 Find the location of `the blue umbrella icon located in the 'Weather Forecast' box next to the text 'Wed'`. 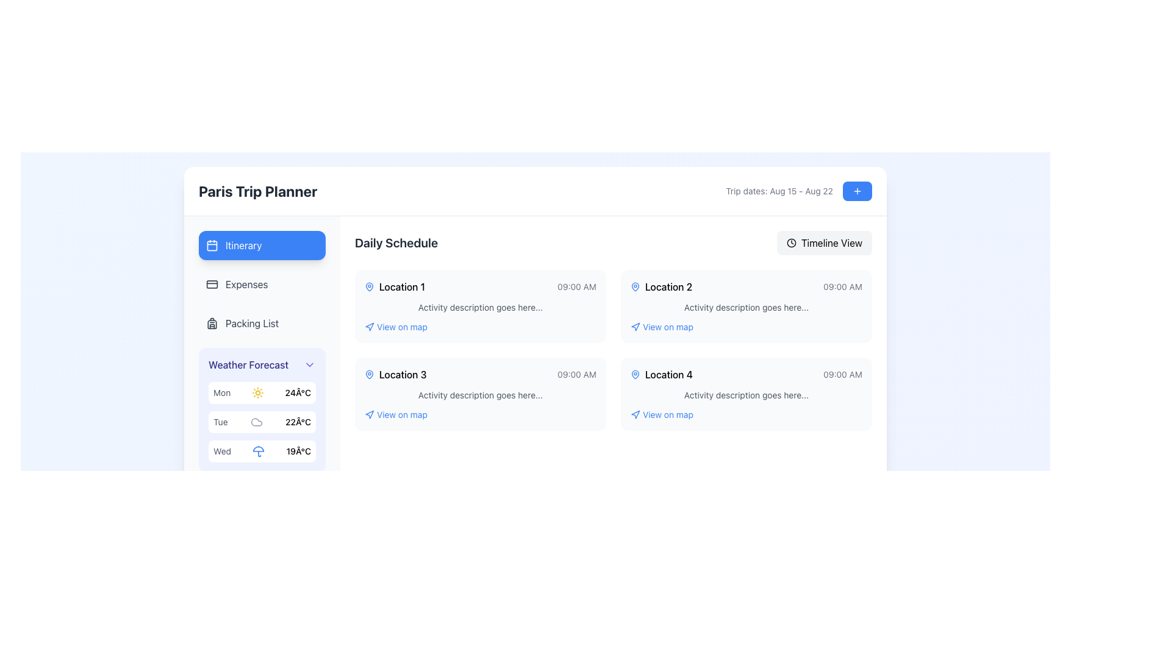

the blue umbrella icon located in the 'Weather Forecast' box next to the text 'Wed' is located at coordinates (258, 451).